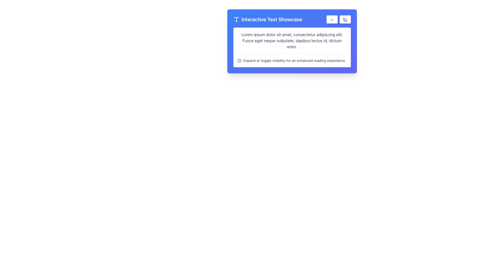  Describe the element at coordinates (236, 19) in the screenshot. I see `the Decorative Icon featuring a large letter 'T' with a blue background, located to the left of the text 'Interactive Text Showcase'` at that location.